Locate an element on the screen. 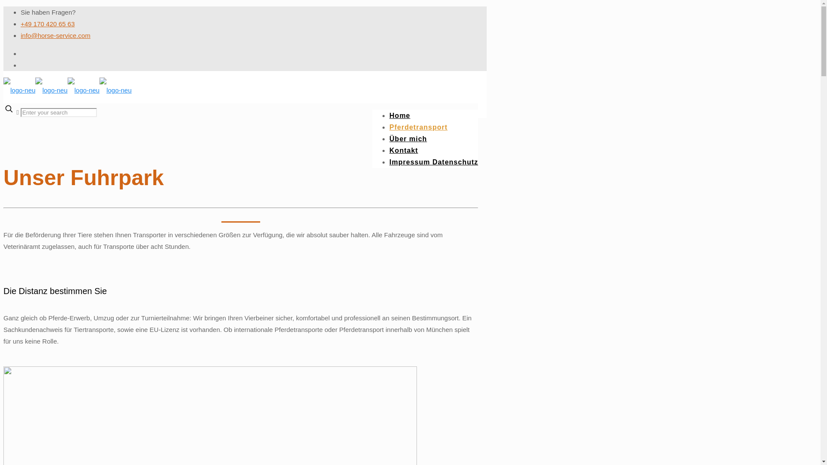  'Horse Service' is located at coordinates (67, 90).